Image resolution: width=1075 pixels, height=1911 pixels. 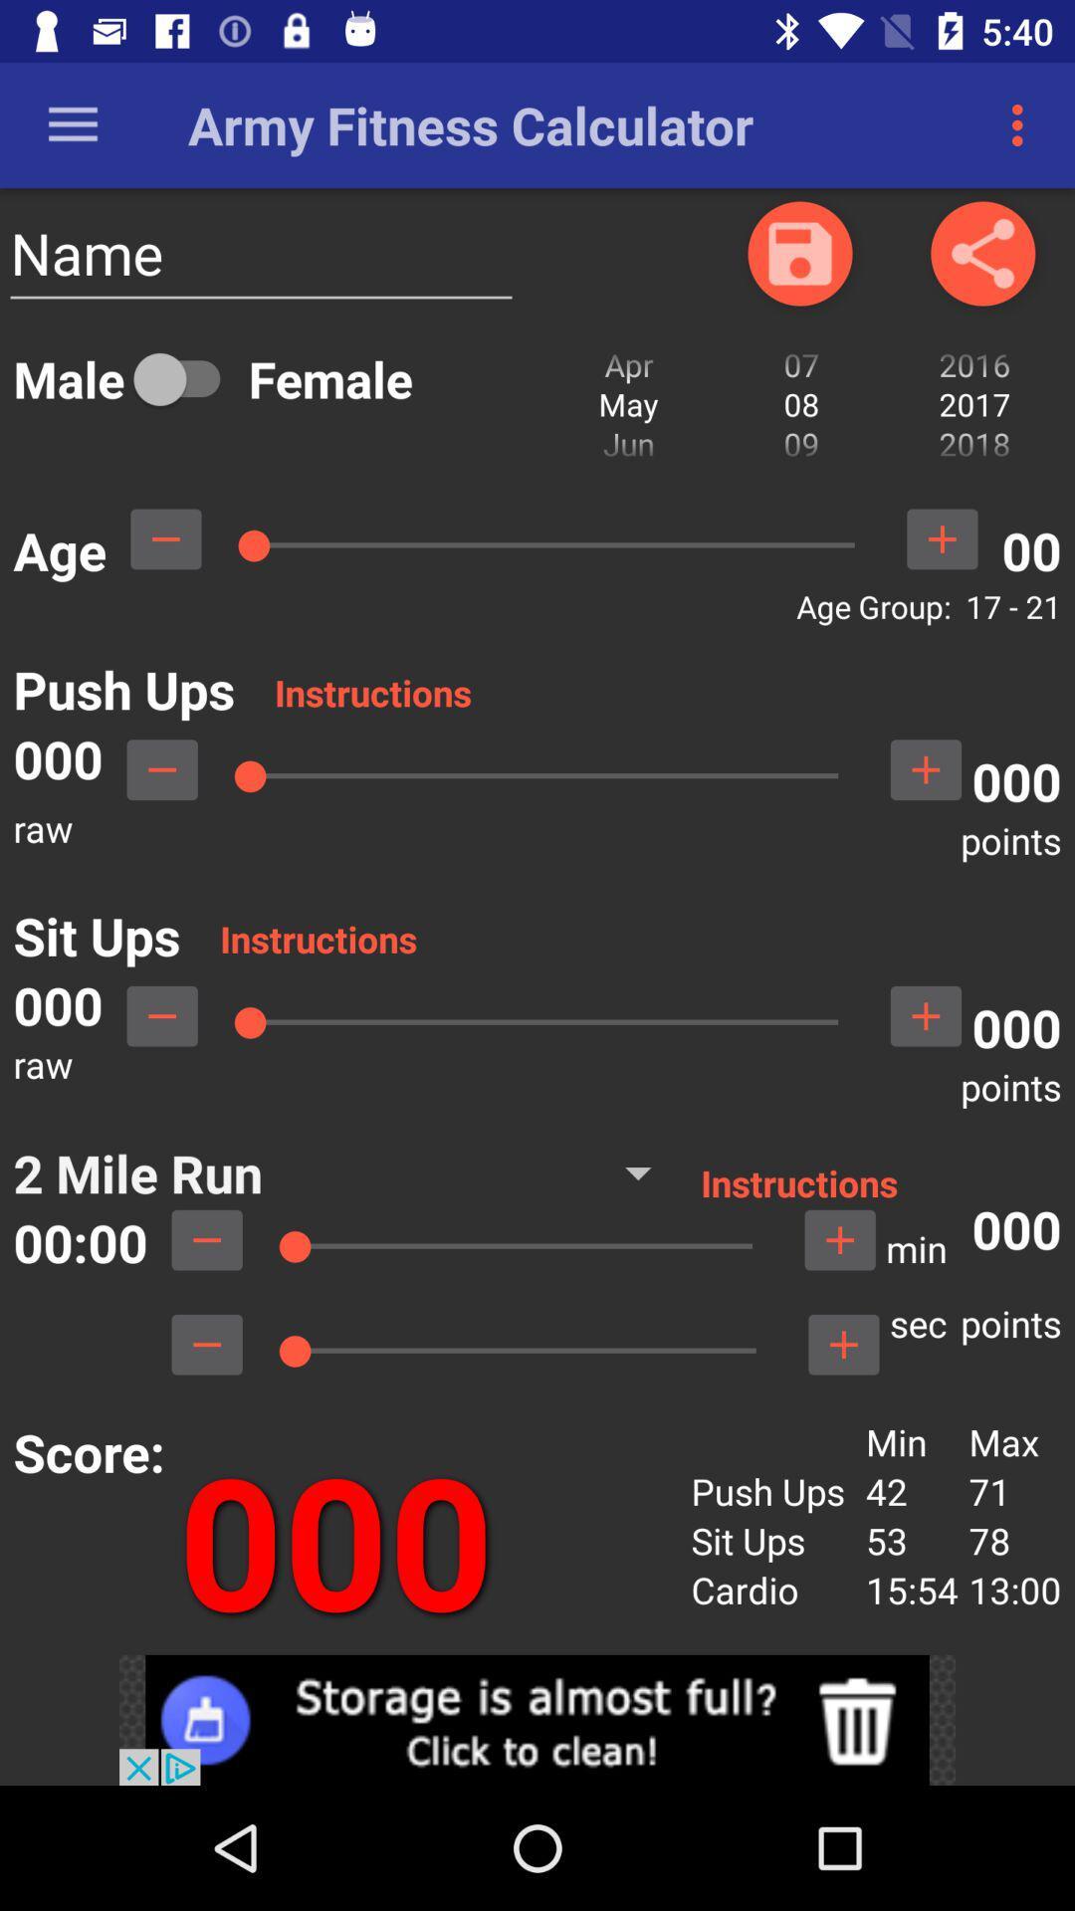 What do you see at coordinates (981, 252) in the screenshot?
I see `share the information` at bounding box center [981, 252].